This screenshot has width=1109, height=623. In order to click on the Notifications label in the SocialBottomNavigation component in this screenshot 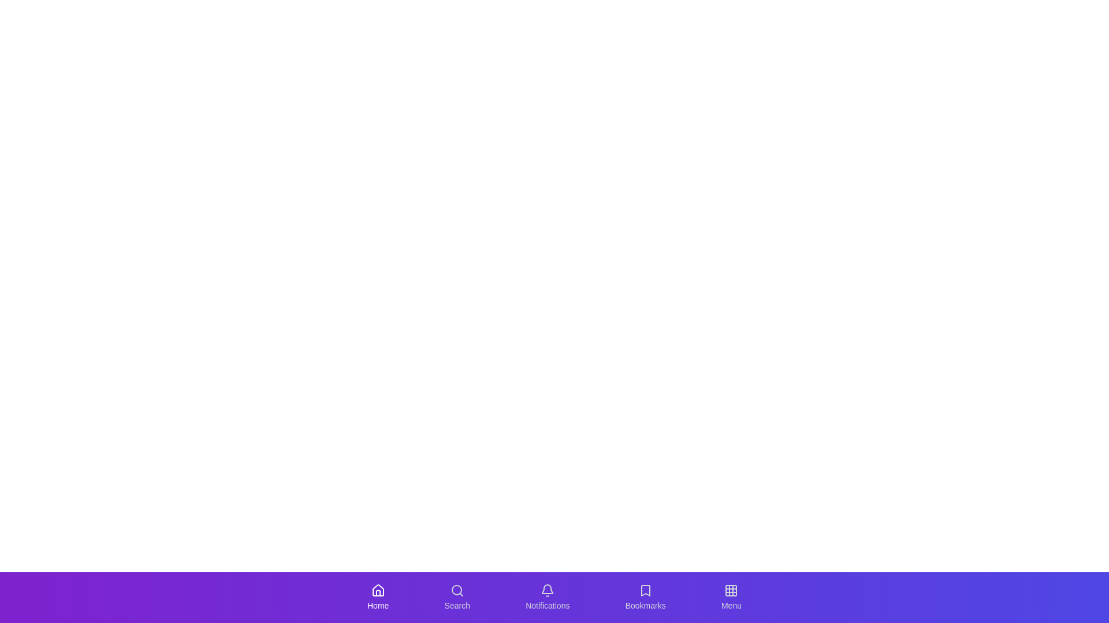, I will do `click(547, 605)`.